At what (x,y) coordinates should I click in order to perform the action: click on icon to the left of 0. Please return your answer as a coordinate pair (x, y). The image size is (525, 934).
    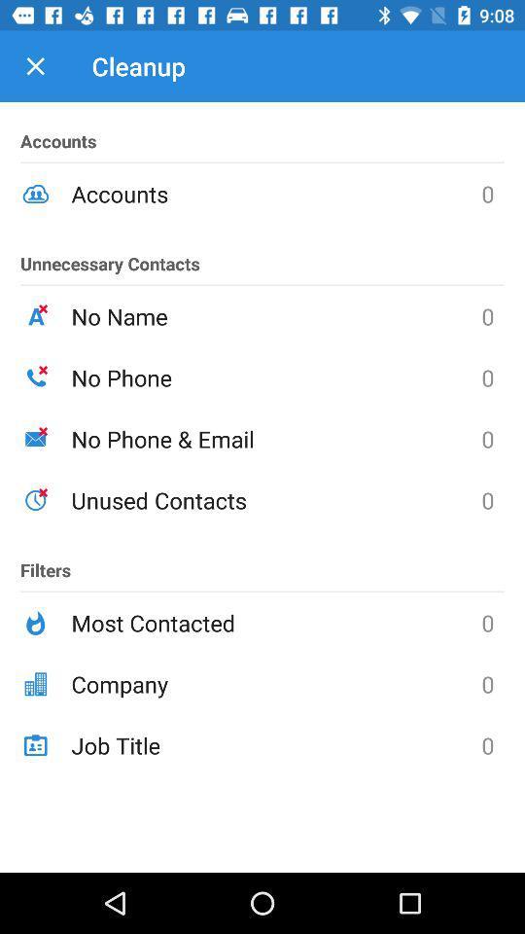
    Looking at the image, I should click on (275, 316).